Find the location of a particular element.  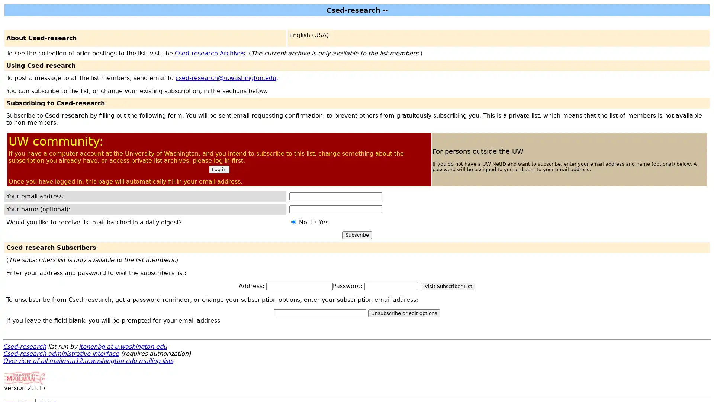

Unsubscribe or edit options is located at coordinates (403, 313).